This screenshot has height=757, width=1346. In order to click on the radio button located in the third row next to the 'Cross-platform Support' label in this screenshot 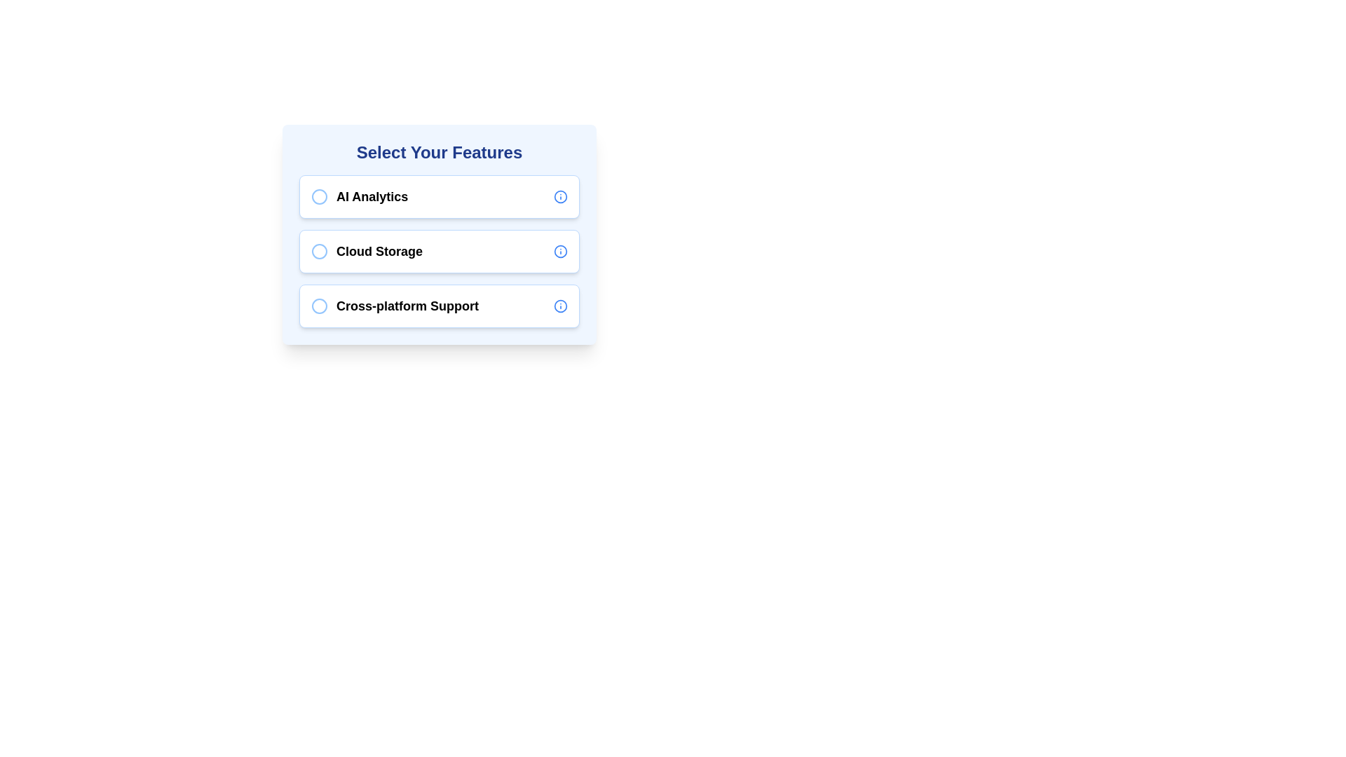, I will do `click(319, 305)`.